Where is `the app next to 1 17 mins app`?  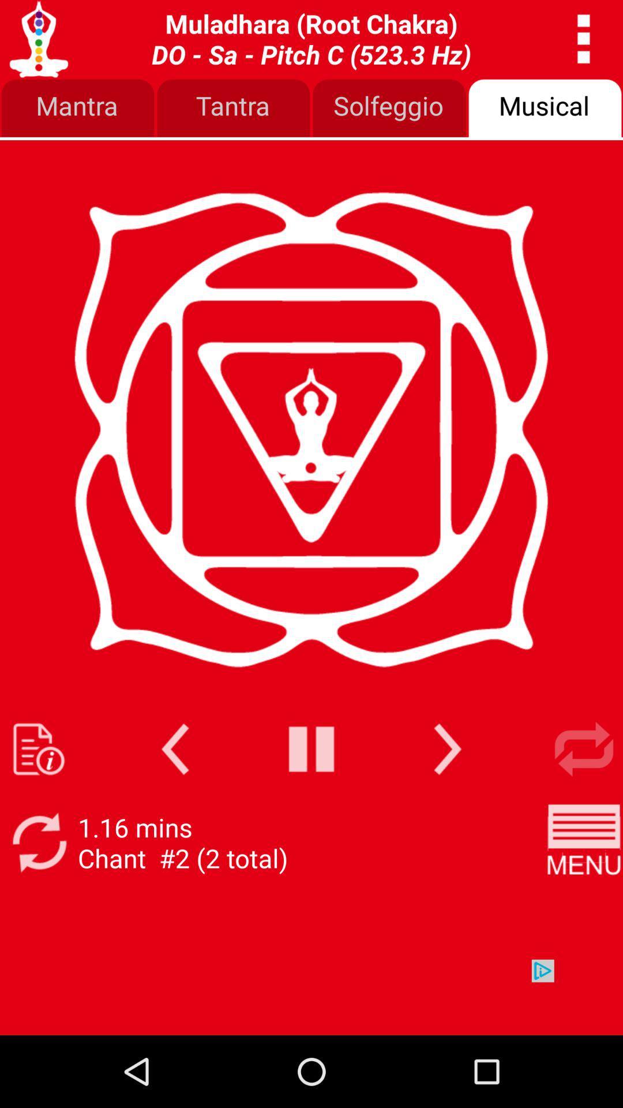 the app next to 1 17 mins app is located at coordinates (584, 843).